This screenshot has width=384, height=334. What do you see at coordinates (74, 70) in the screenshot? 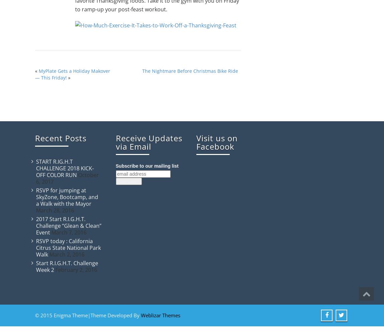
I see `'MyPlate Gets a Holiday Makover'` at bounding box center [74, 70].